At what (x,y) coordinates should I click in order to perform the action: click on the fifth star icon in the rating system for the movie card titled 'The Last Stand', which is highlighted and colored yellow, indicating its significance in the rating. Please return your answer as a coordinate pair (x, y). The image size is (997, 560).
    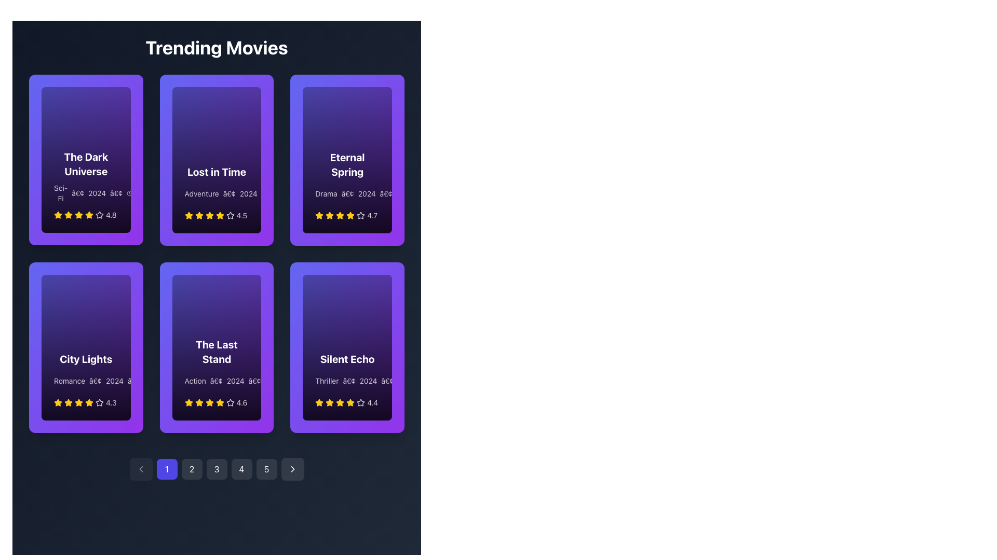
    Looking at the image, I should click on (219, 402).